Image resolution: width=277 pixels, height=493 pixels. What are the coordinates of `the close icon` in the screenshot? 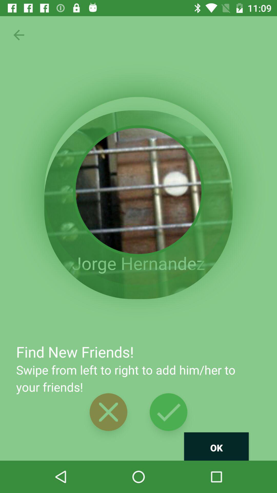 It's located at (108, 412).